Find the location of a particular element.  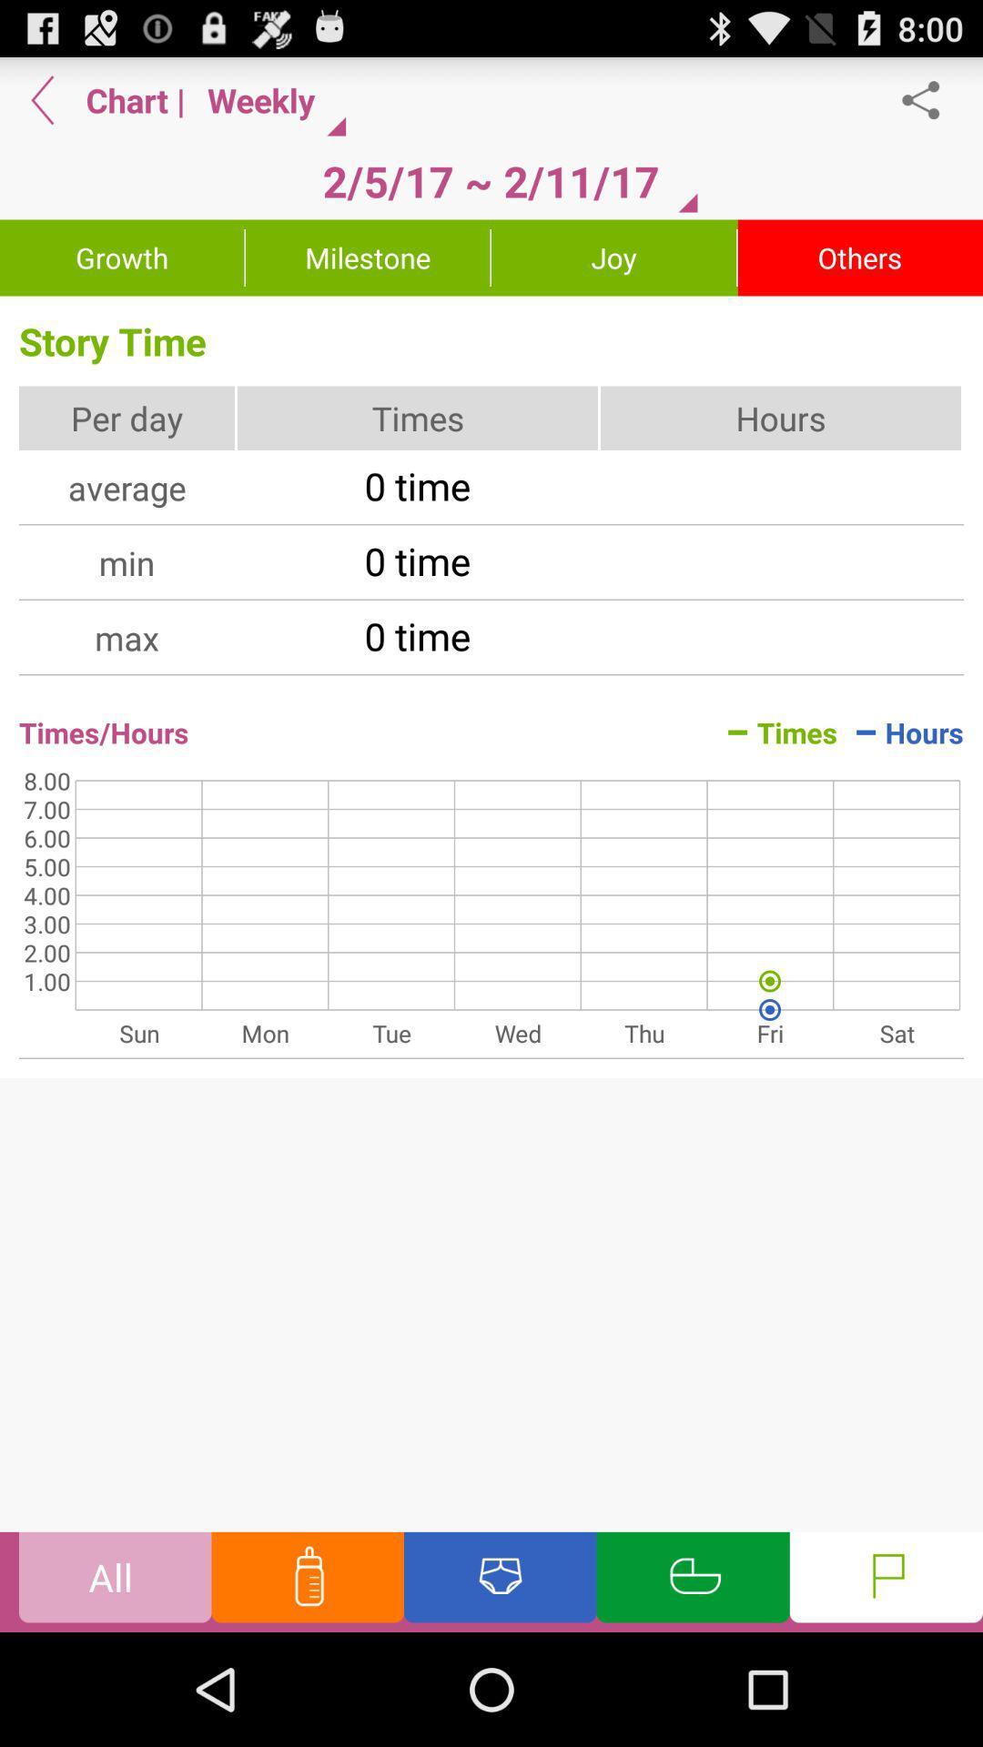

the weekly button is located at coordinates (269, 99).